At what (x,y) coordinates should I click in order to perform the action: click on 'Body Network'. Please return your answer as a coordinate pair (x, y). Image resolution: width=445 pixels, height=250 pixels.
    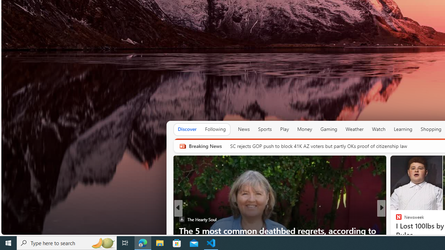
    Looking at the image, I should click on (396, 219).